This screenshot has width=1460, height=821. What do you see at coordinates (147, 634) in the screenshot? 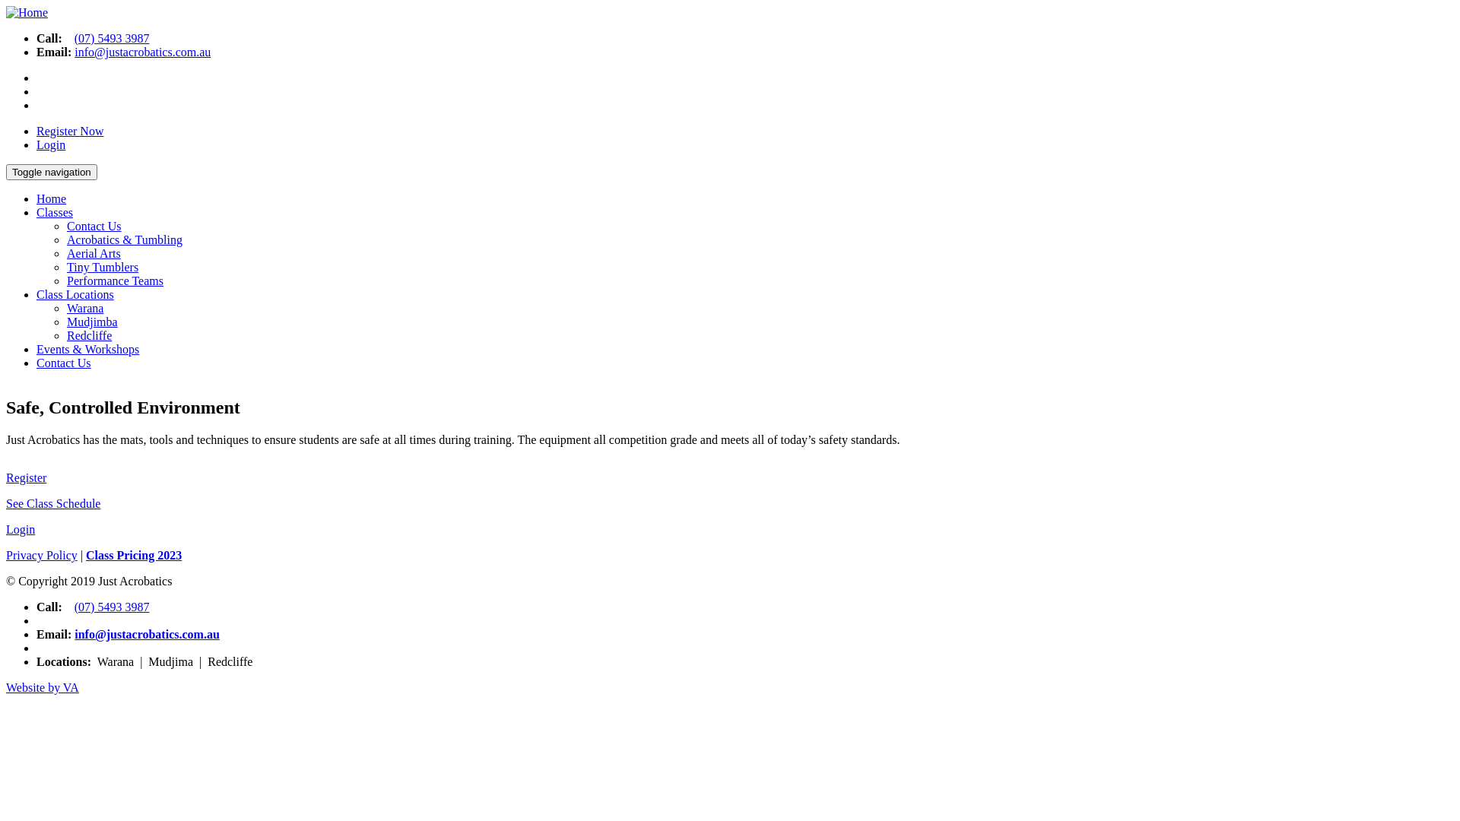
I see `'info@justacrobatics.com.au'` at bounding box center [147, 634].